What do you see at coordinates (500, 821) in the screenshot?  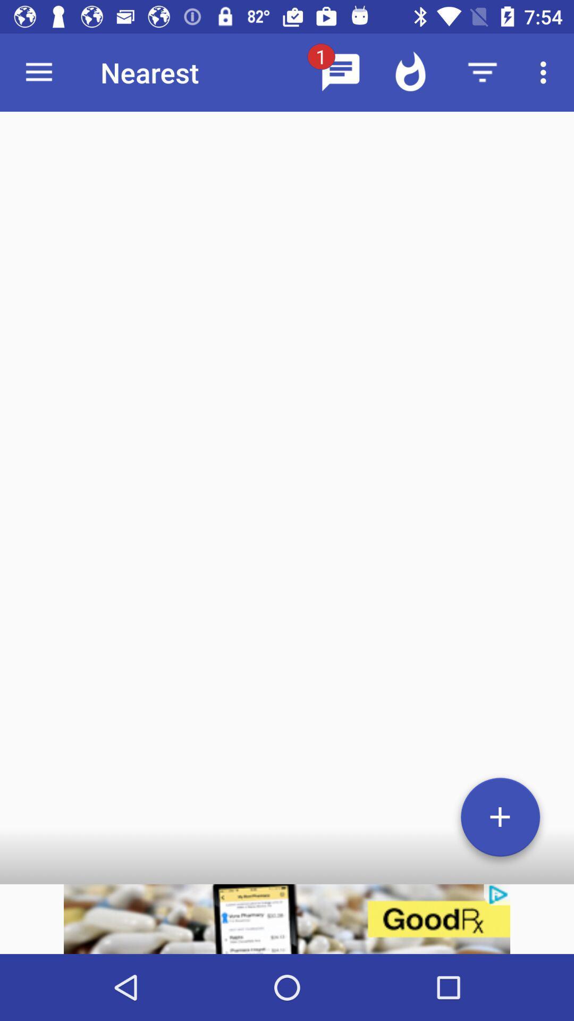 I see `the add icon` at bounding box center [500, 821].